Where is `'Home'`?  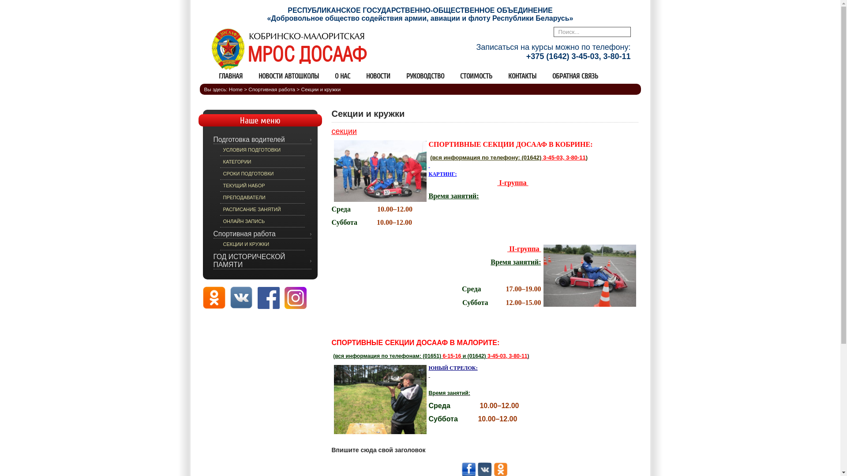 'Home' is located at coordinates (236, 89).